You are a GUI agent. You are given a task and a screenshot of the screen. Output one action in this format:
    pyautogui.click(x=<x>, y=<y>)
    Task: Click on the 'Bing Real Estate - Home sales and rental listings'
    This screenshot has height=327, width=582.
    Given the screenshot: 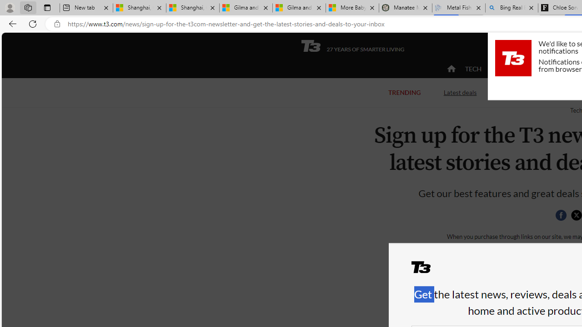 What is the action you would take?
    pyautogui.click(x=512, y=8)
    